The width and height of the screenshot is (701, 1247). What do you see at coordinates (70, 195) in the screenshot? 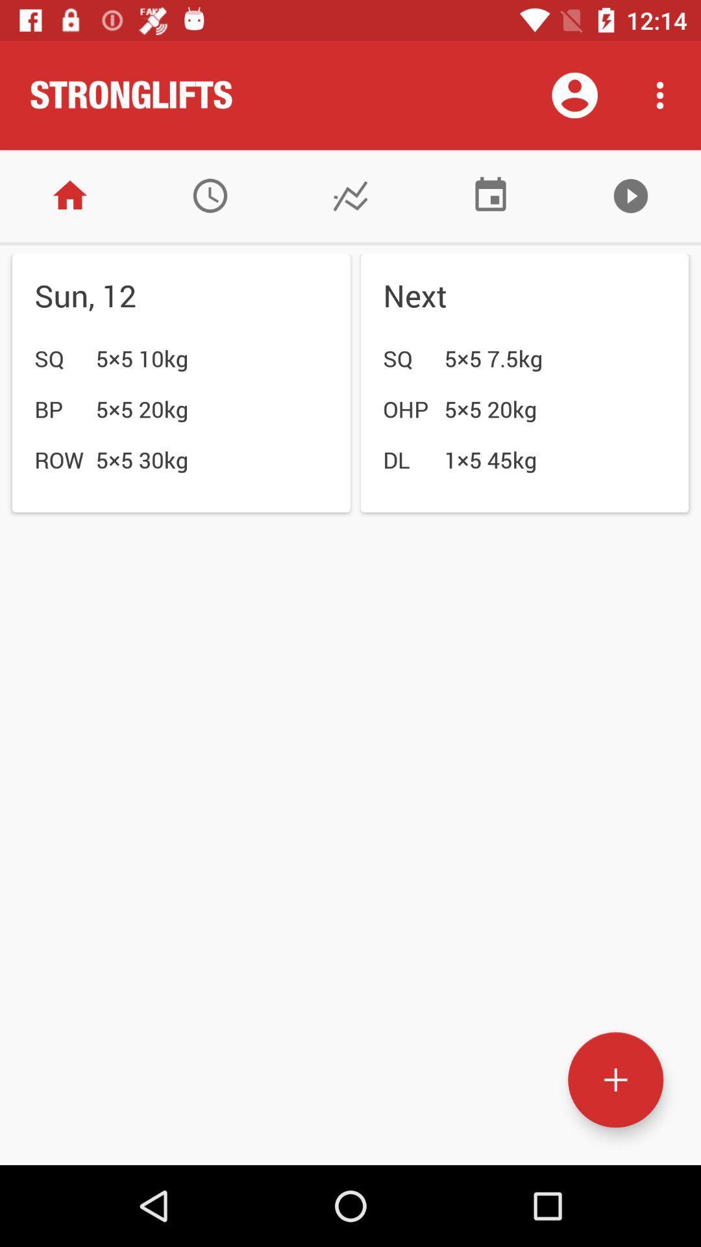
I see `switch to home screen` at bounding box center [70, 195].